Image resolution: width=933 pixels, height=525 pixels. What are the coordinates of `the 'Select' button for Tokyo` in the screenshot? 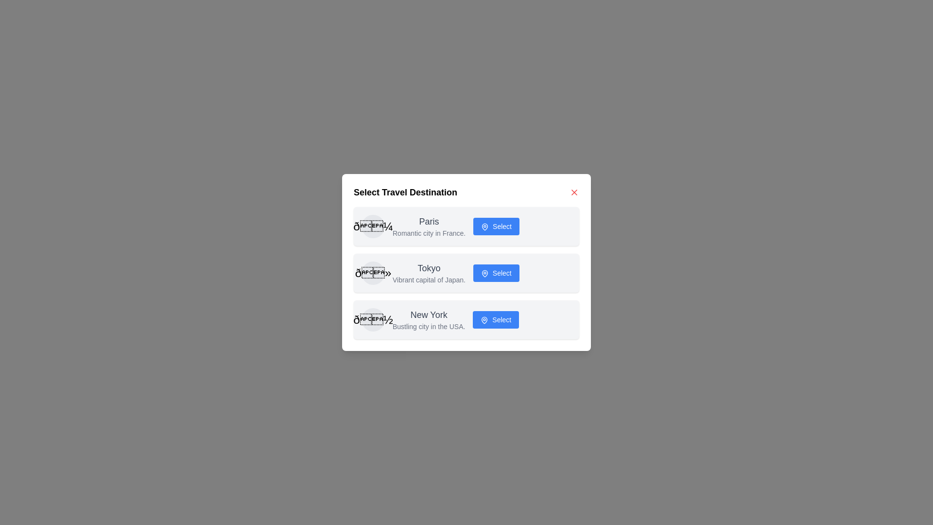 It's located at (496, 273).